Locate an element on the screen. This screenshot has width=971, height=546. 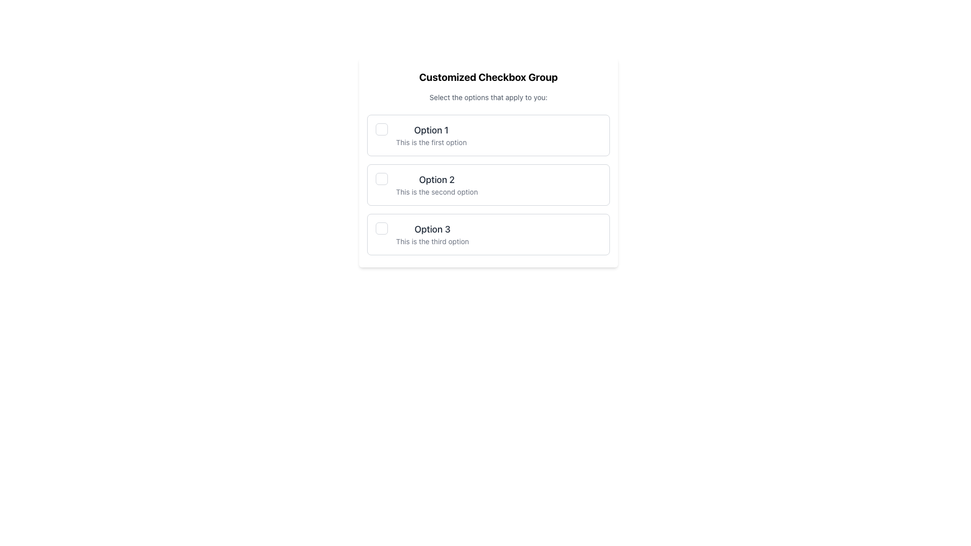
the interactive checkbox for 'Option 2' is located at coordinates (381, 178).